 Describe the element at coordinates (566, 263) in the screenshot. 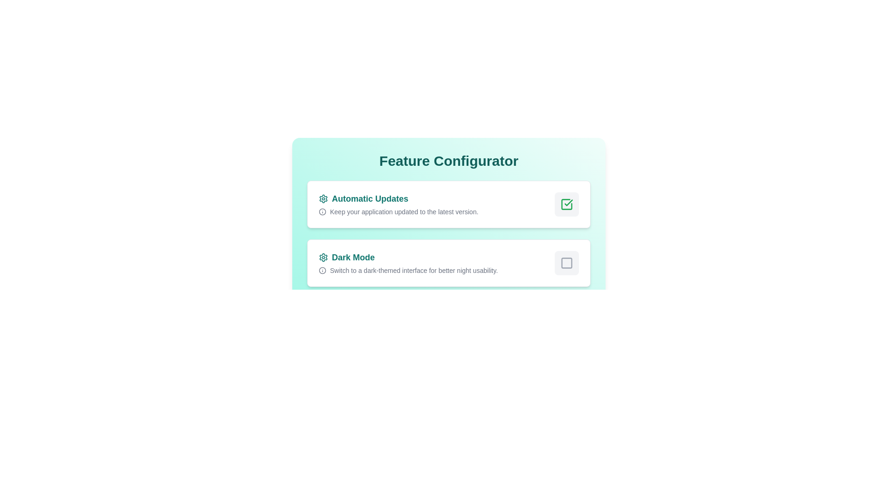

I see `the square-shaped button with rounded corners that has a light gray background and a dark gray square icon, located at the far right of the 'Dark Mode' section in the 'Feature Configurator' interface` at that location.